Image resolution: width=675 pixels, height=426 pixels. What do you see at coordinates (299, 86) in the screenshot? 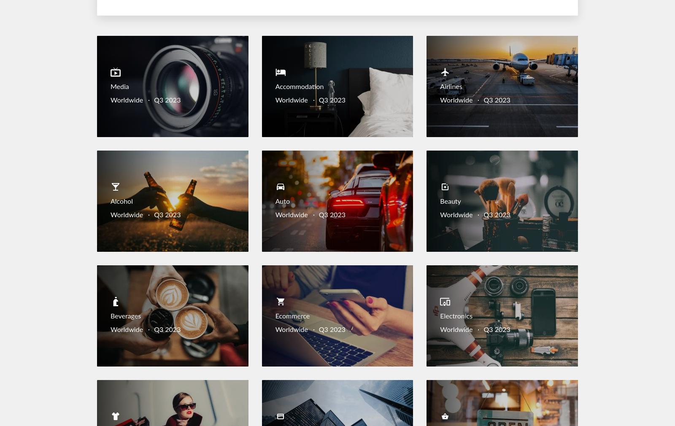
I see `'Accommodation'` at bounding box center [299, 86].